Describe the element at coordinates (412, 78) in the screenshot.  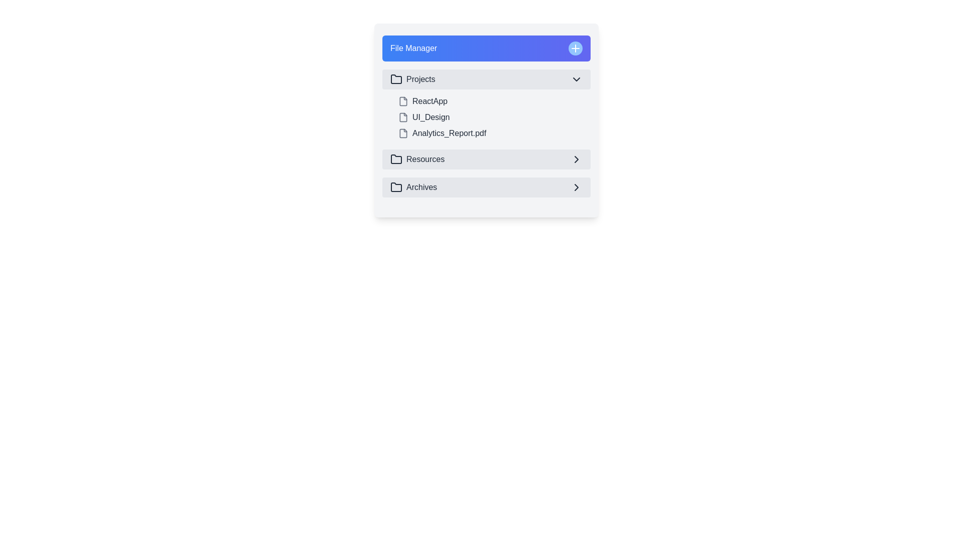
I see `the 'Projects' folder entry` at that location.